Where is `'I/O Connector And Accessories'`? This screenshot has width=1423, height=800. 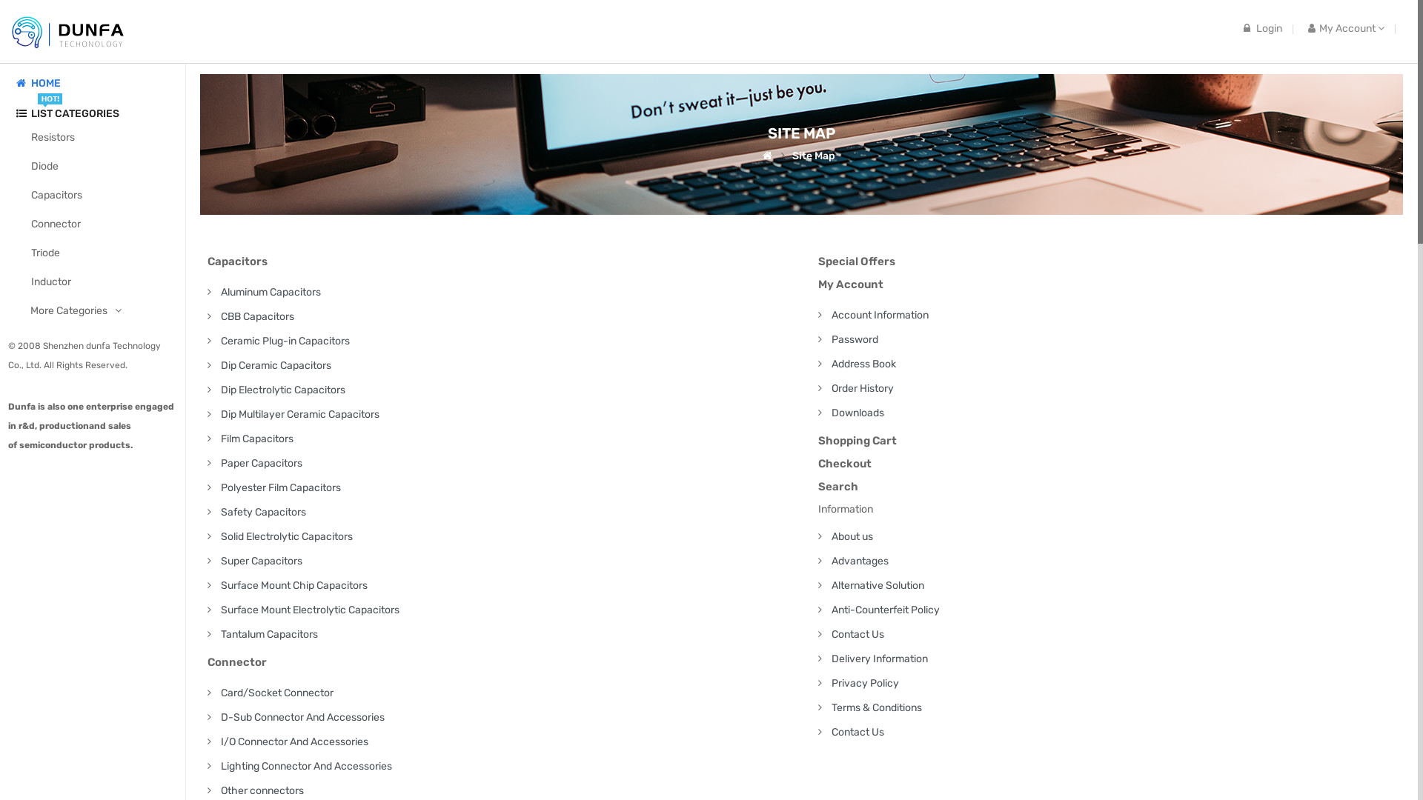
'I/O Connector And Accessories' is located at coordinates (294, 741).